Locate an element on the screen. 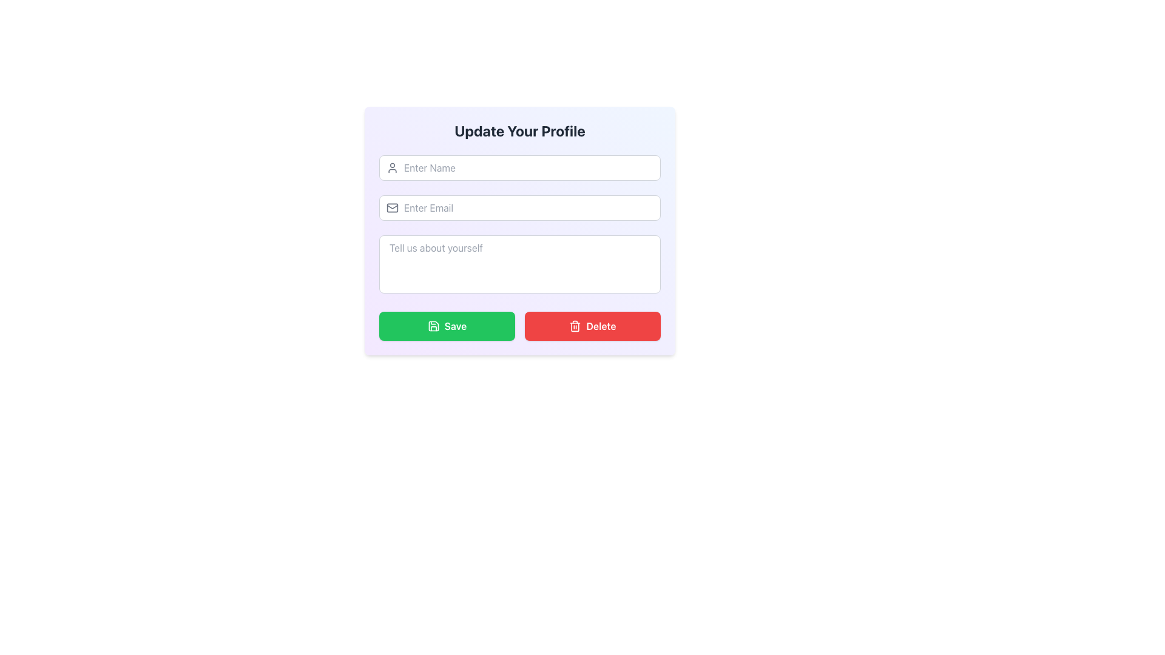 The image size is (1165, 655). the floppy disk icon that signifies the saving functionality, located to the left of the Save button in the bottom row of the form is located at coordinates (433, 325).